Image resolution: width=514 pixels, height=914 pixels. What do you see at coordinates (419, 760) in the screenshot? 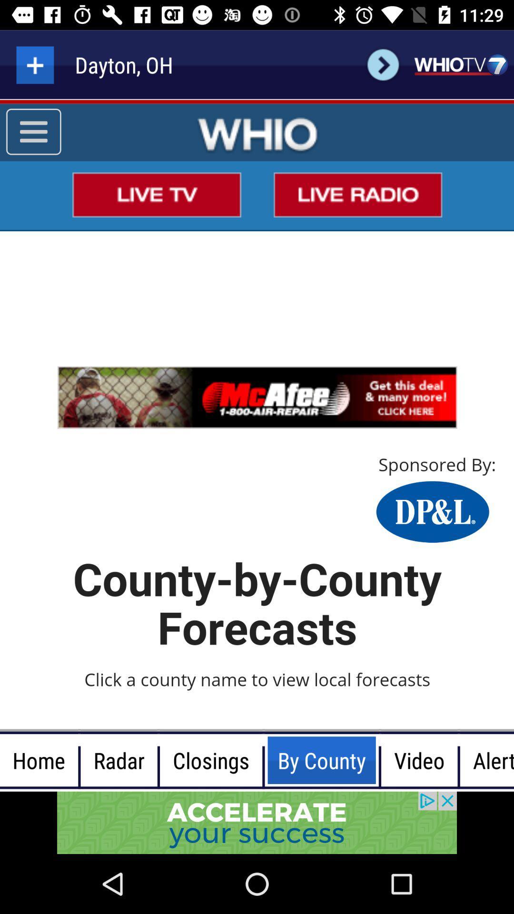
I see `the button on right of by county` at bounding box center [419, 760].